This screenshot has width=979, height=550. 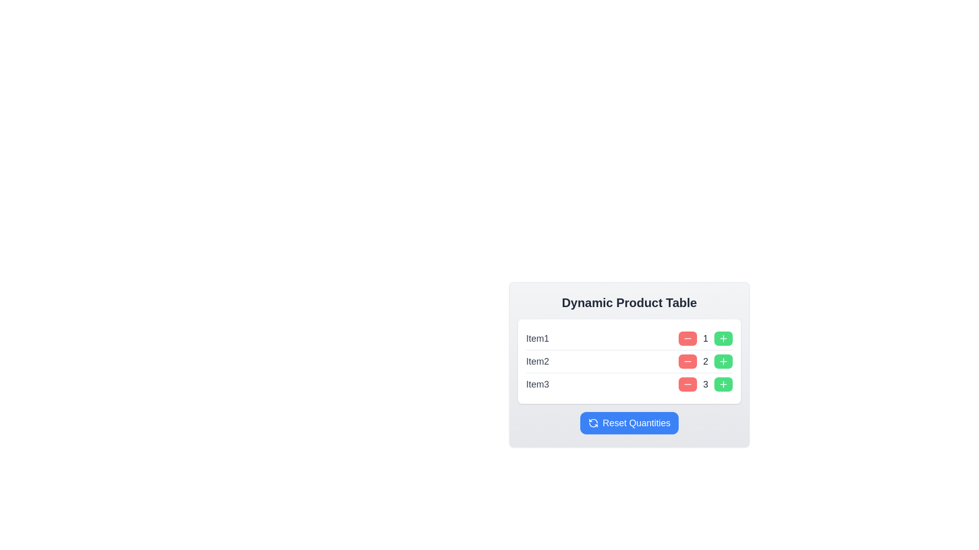 What do you see at coordinates (723, 384) in the screenshot?
I see `the smaller green circle button with a white plus sign, located to the right of the numeric input field displaying the current quantity '3' in the third row of the item list, to increment the item count` at bounding box center [723, 384].